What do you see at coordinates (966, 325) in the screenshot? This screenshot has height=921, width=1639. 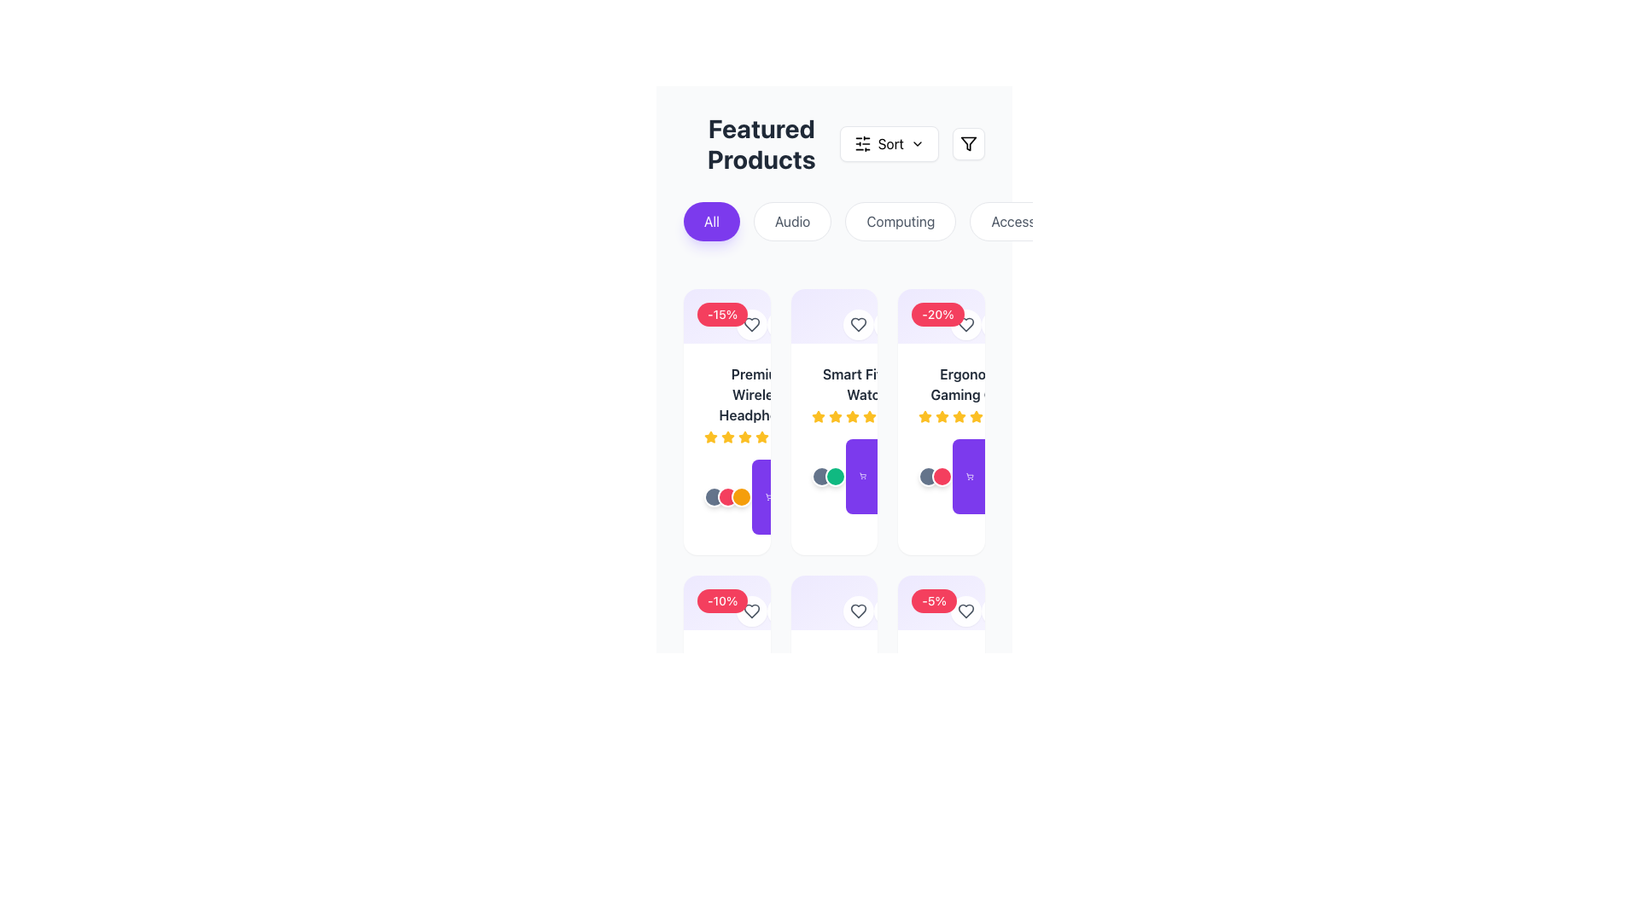 I see `the heart icon located in the top-right area of the product card to mark it as favorite or add it to the wishlist` at bounding box center [966, 325].